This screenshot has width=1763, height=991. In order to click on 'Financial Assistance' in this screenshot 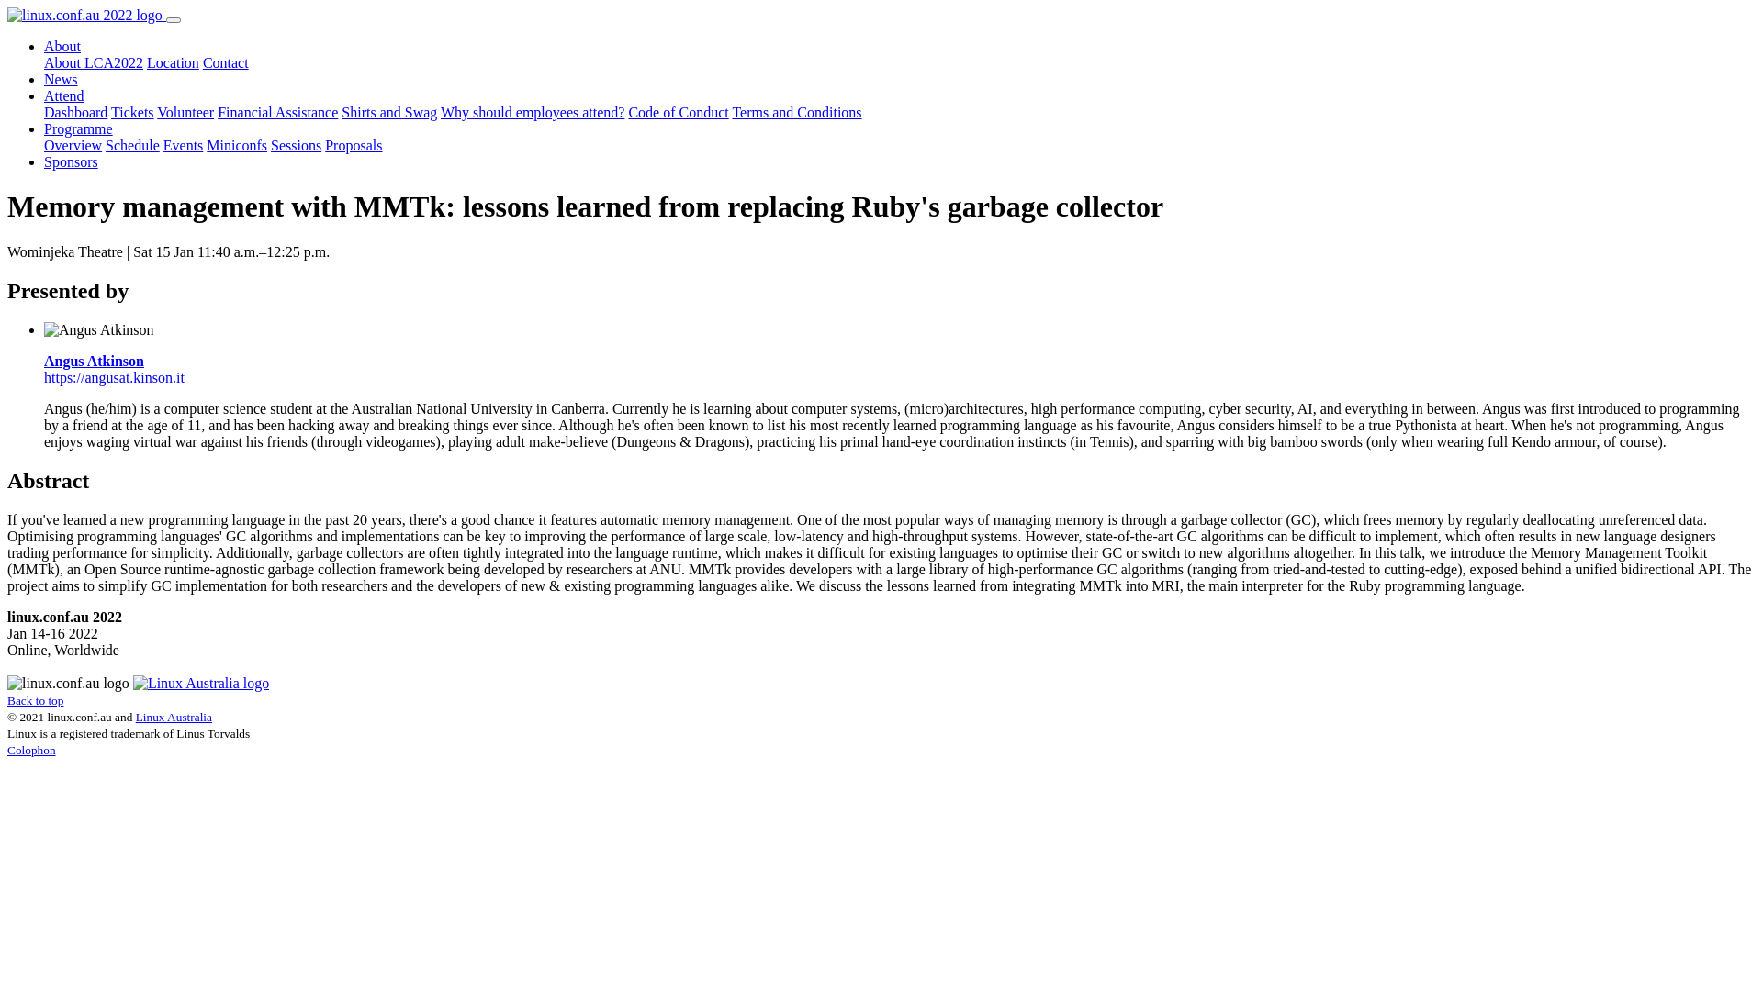, I will do `click(276, 112)`.